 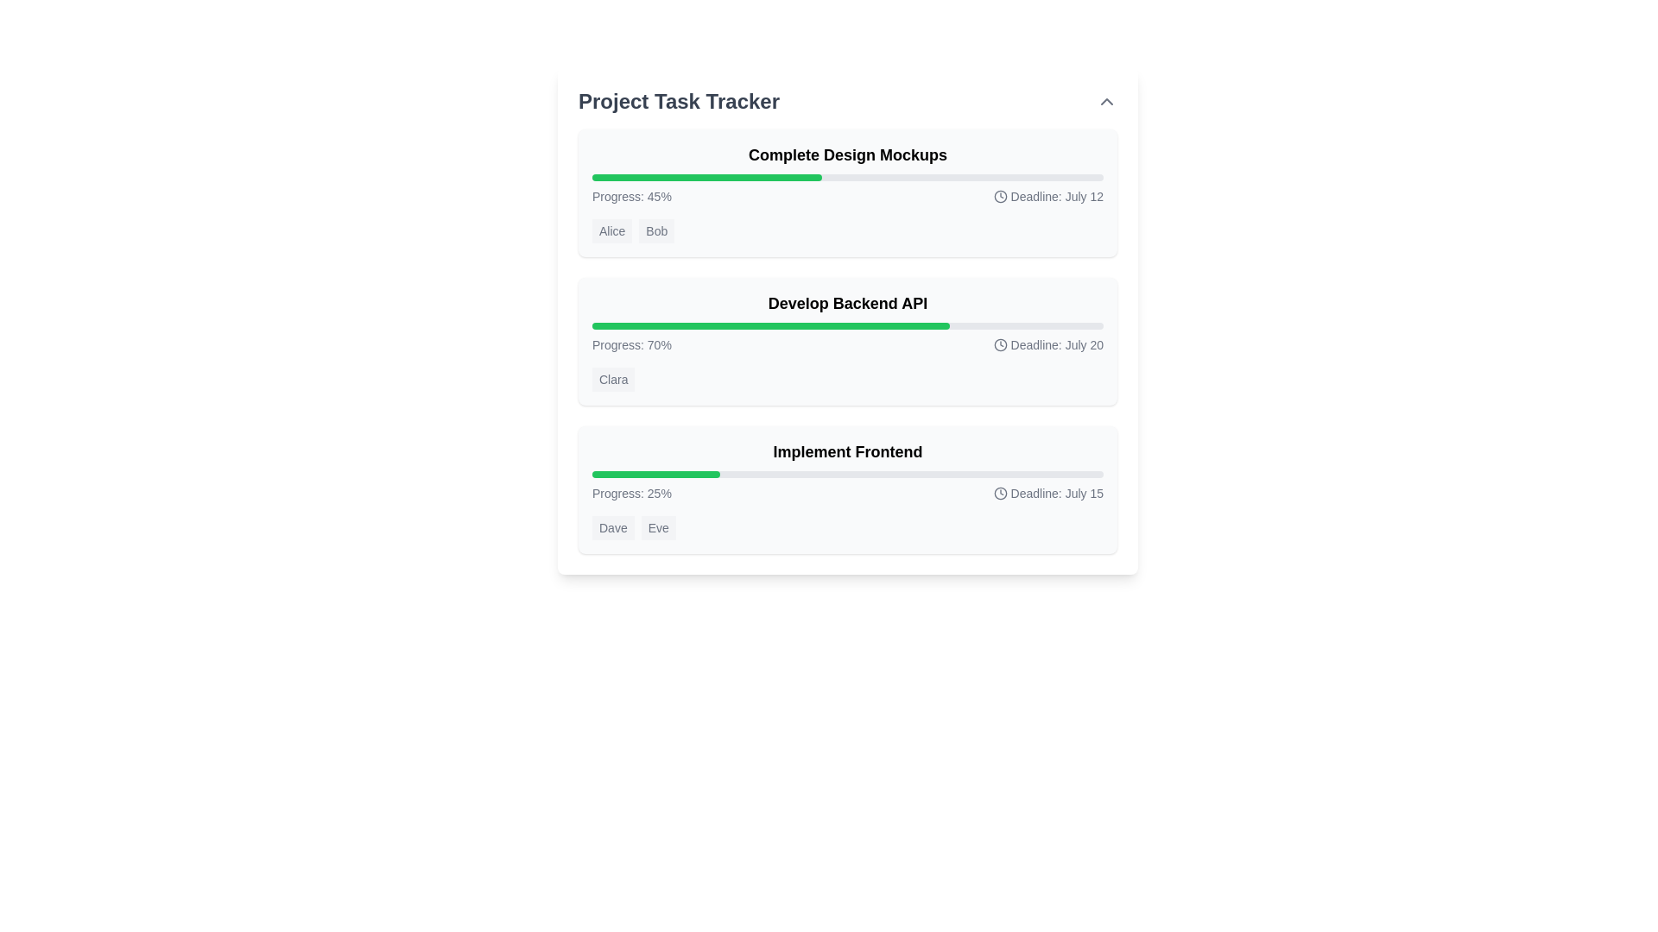 I want to click on the label with icon displaying the deadline for the task 'Implement Frontend', located in the third task card of the 'Project Task Tracker' interface, on the right-hand side, adjacent to the progress bar, so click(x=1047, y=493).